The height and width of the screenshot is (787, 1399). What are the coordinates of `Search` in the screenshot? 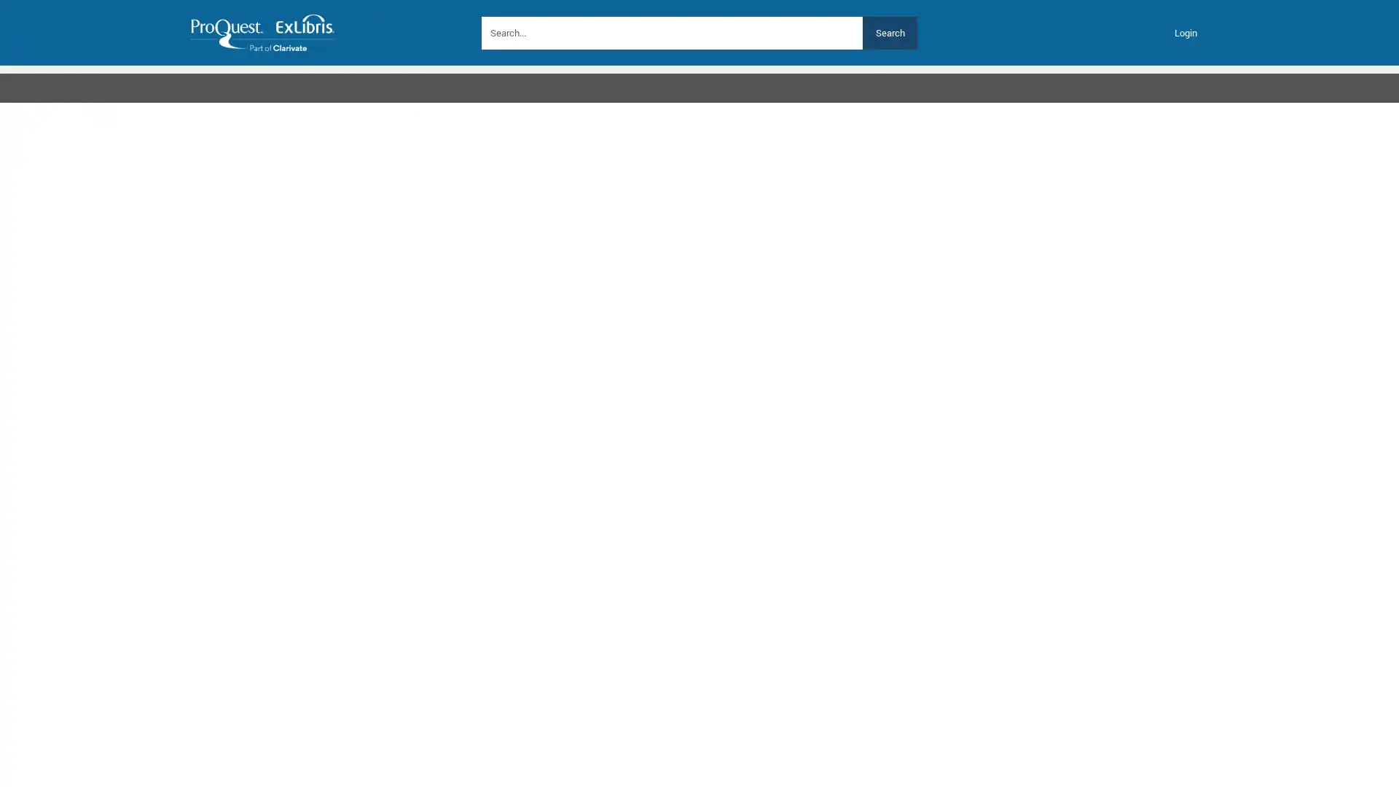 It's located at (889, 32).